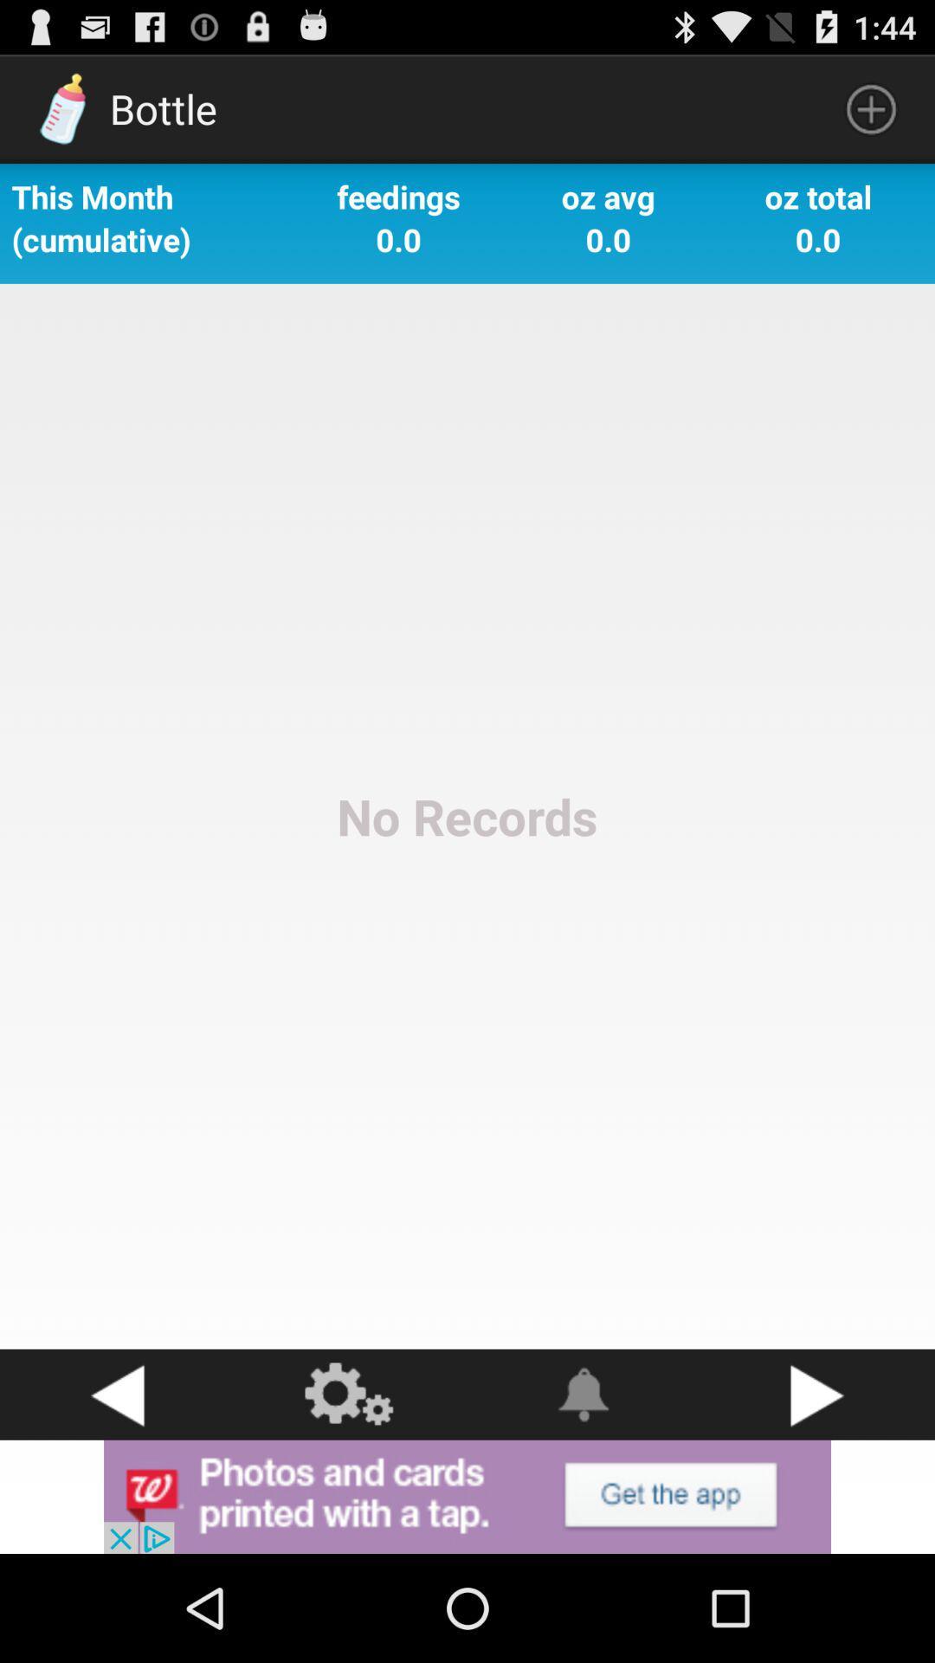  Describe the element at coordinates (351, 1394) in the screenshot. I see `settings` at that location.